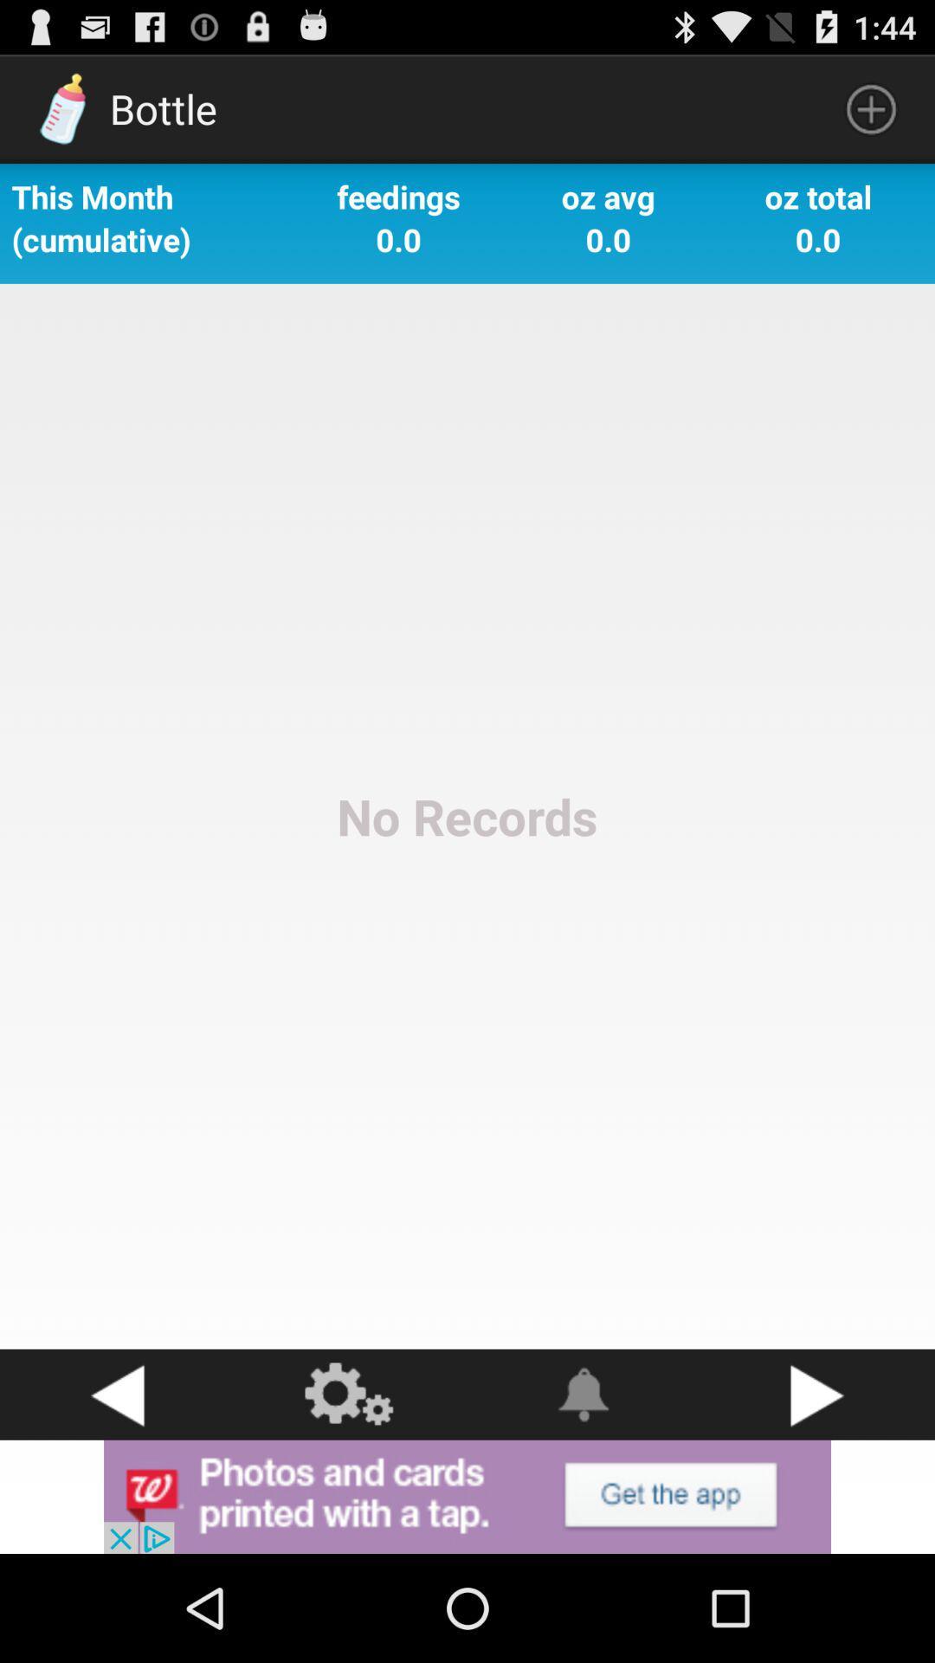  Describe the element at coordinates (351, 1394) in the screenshot. I see `settings` at that location.